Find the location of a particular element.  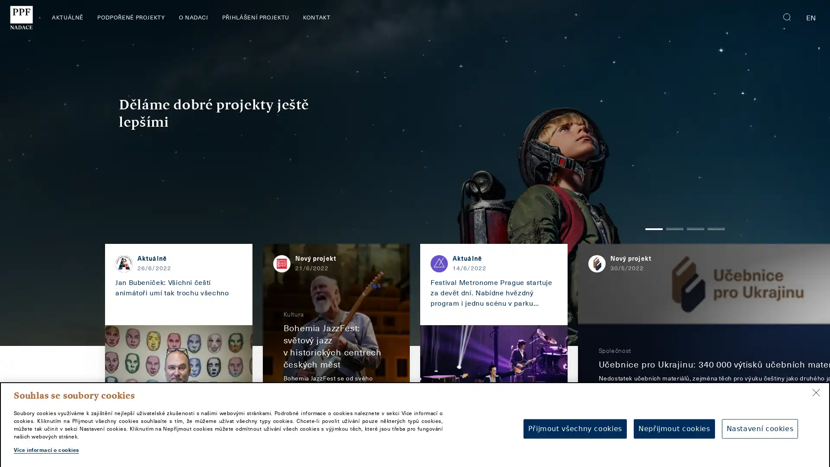

Zavrit is located at coordinates (815, 387).